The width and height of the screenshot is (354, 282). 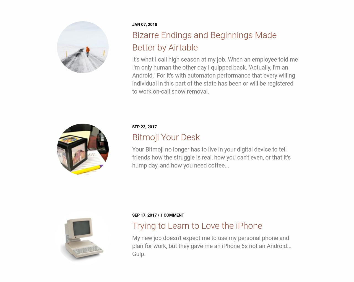 I want to click on 'It's what I call high season at my job. When an employee told me I'm only human the other day I quipped back, "Actually, I'm an Android." For it's with automaton performance that every willing individual in this part of the state has been or will be registered to work on-call snow removal.', so click(x=214, y=75).